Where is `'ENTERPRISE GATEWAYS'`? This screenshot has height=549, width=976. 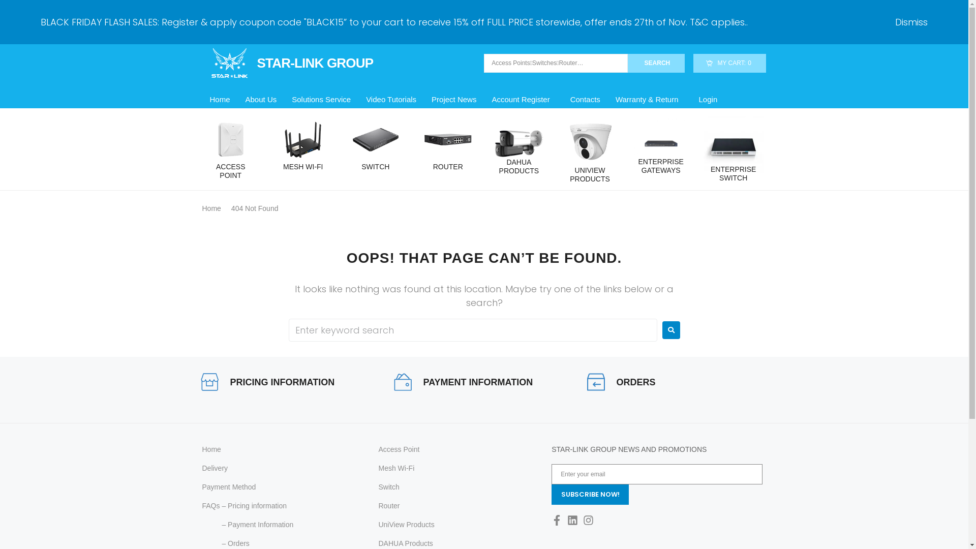 'ENTERPRISE GATEWAYS' is located at coordinates (633, 166).